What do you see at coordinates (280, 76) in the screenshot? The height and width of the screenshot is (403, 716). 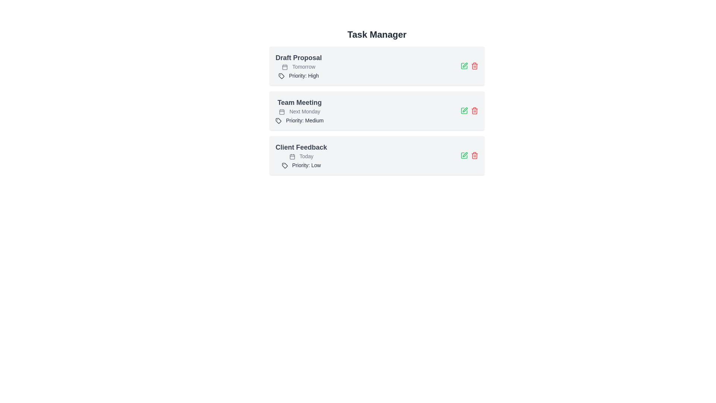 I see `the priority icon next to the 'Priority: High' label in the first task block labeled 'Draft Proposal'` at bounding box center [280, 76].